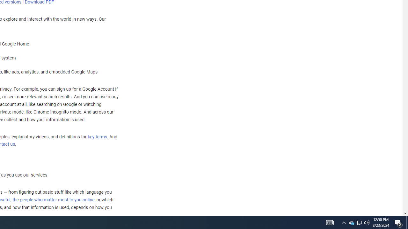  Describe the element at coordinates (53, 199) in the screenshot. I see `'the people who matter most to you online'` at that location.